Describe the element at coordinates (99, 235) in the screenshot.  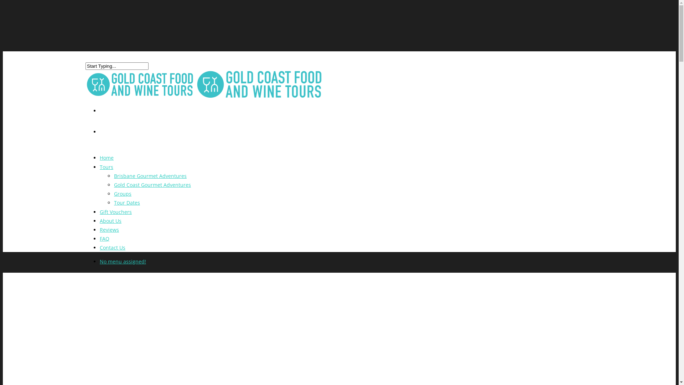
I see `'Reviews'` at that location.